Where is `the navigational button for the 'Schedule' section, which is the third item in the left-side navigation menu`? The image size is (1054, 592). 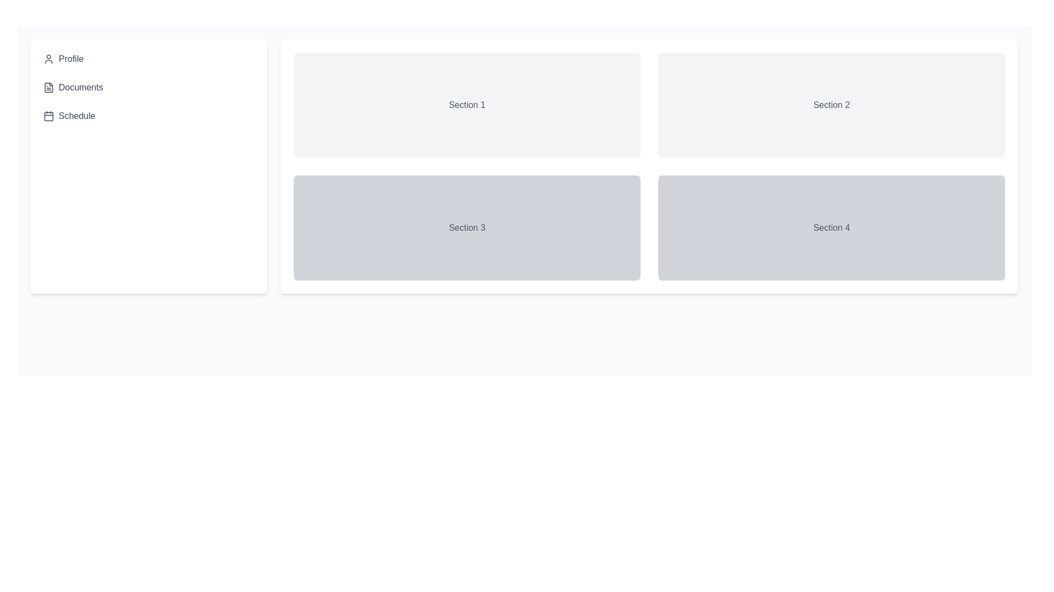 the navigational button for the 'Schedule' section, which is the third item in the left-side navigation menu is located at coordinates (148, 116).